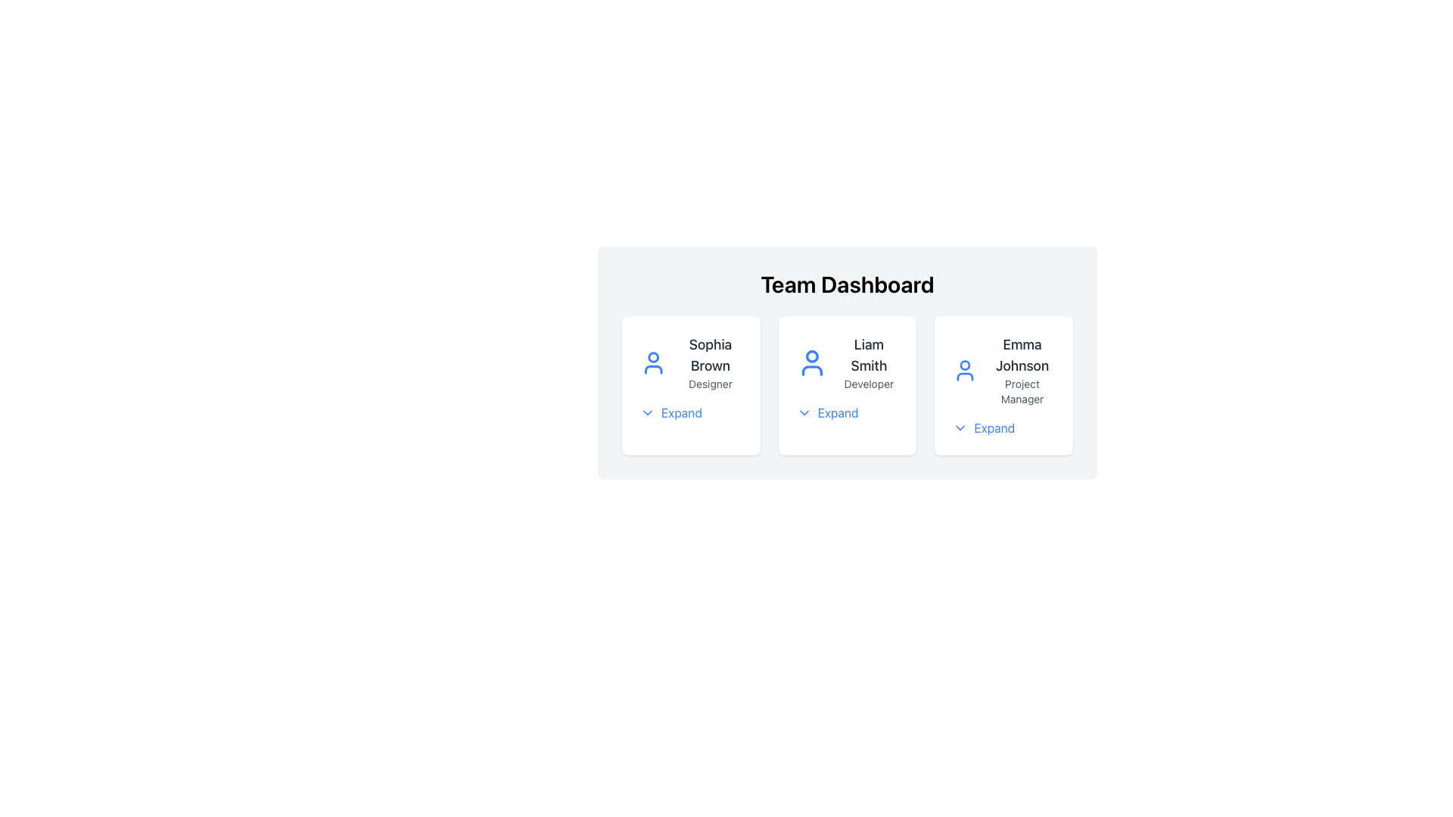 Image resolution: width=1453 pixels, height=817 pixels. Describe the element at coordinates (811, 356) in the screenshot. I see `the circular icon representing the user avatar for 'Liam Smith' in the second card of the 'Team Dashboard' interface` at that location.